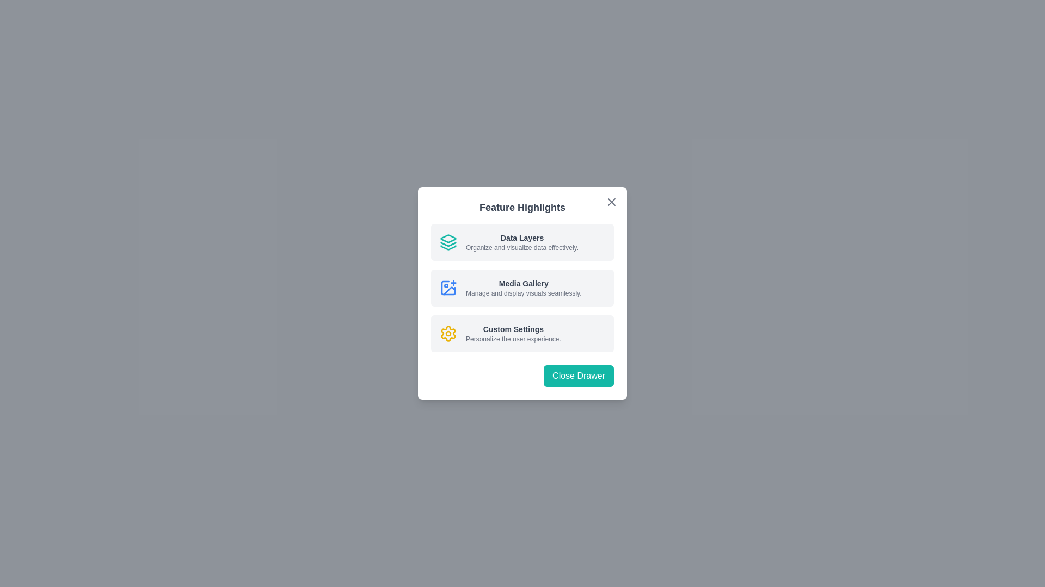 This screenshot has height=587, width=1045. I want to click on the 'Close Drawer' button located at the bottom of the 'Feature Highlights' Modal dialog, which is centered within a dark semi-transparent background overlay, so click(522, 293).